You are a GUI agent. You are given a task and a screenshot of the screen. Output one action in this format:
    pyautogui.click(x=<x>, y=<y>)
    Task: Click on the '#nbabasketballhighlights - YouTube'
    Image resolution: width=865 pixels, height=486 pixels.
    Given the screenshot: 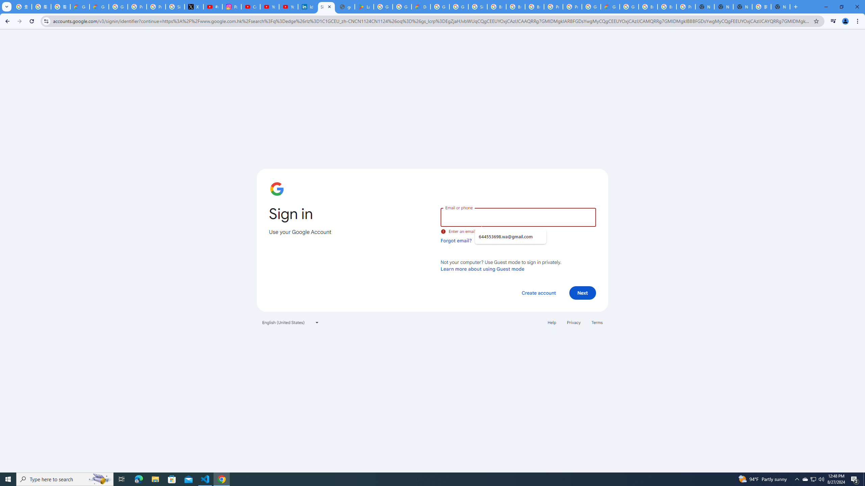 What is the action you would take?
    pyautogui.click(x=213, y=6)
    